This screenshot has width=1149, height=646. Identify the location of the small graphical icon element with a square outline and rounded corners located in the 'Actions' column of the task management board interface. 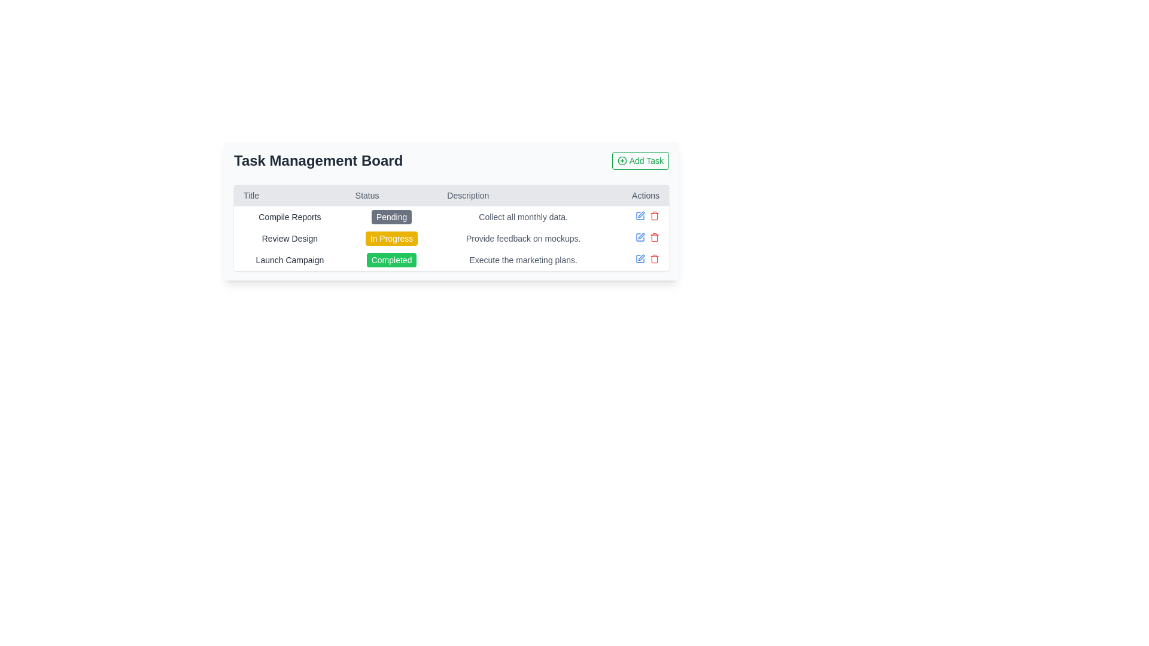
(640, 237).